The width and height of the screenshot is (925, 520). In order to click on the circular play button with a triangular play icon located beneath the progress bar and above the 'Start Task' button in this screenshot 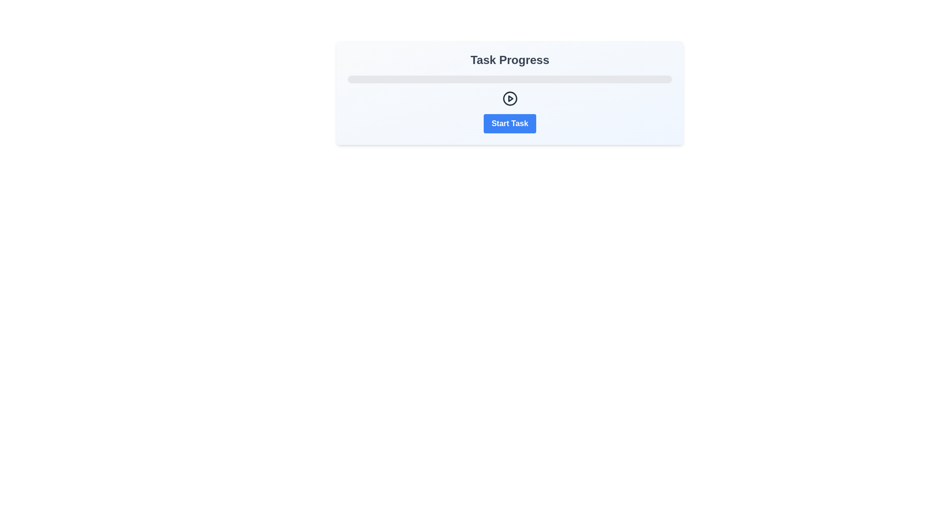, I will do `click(509, 98)`.